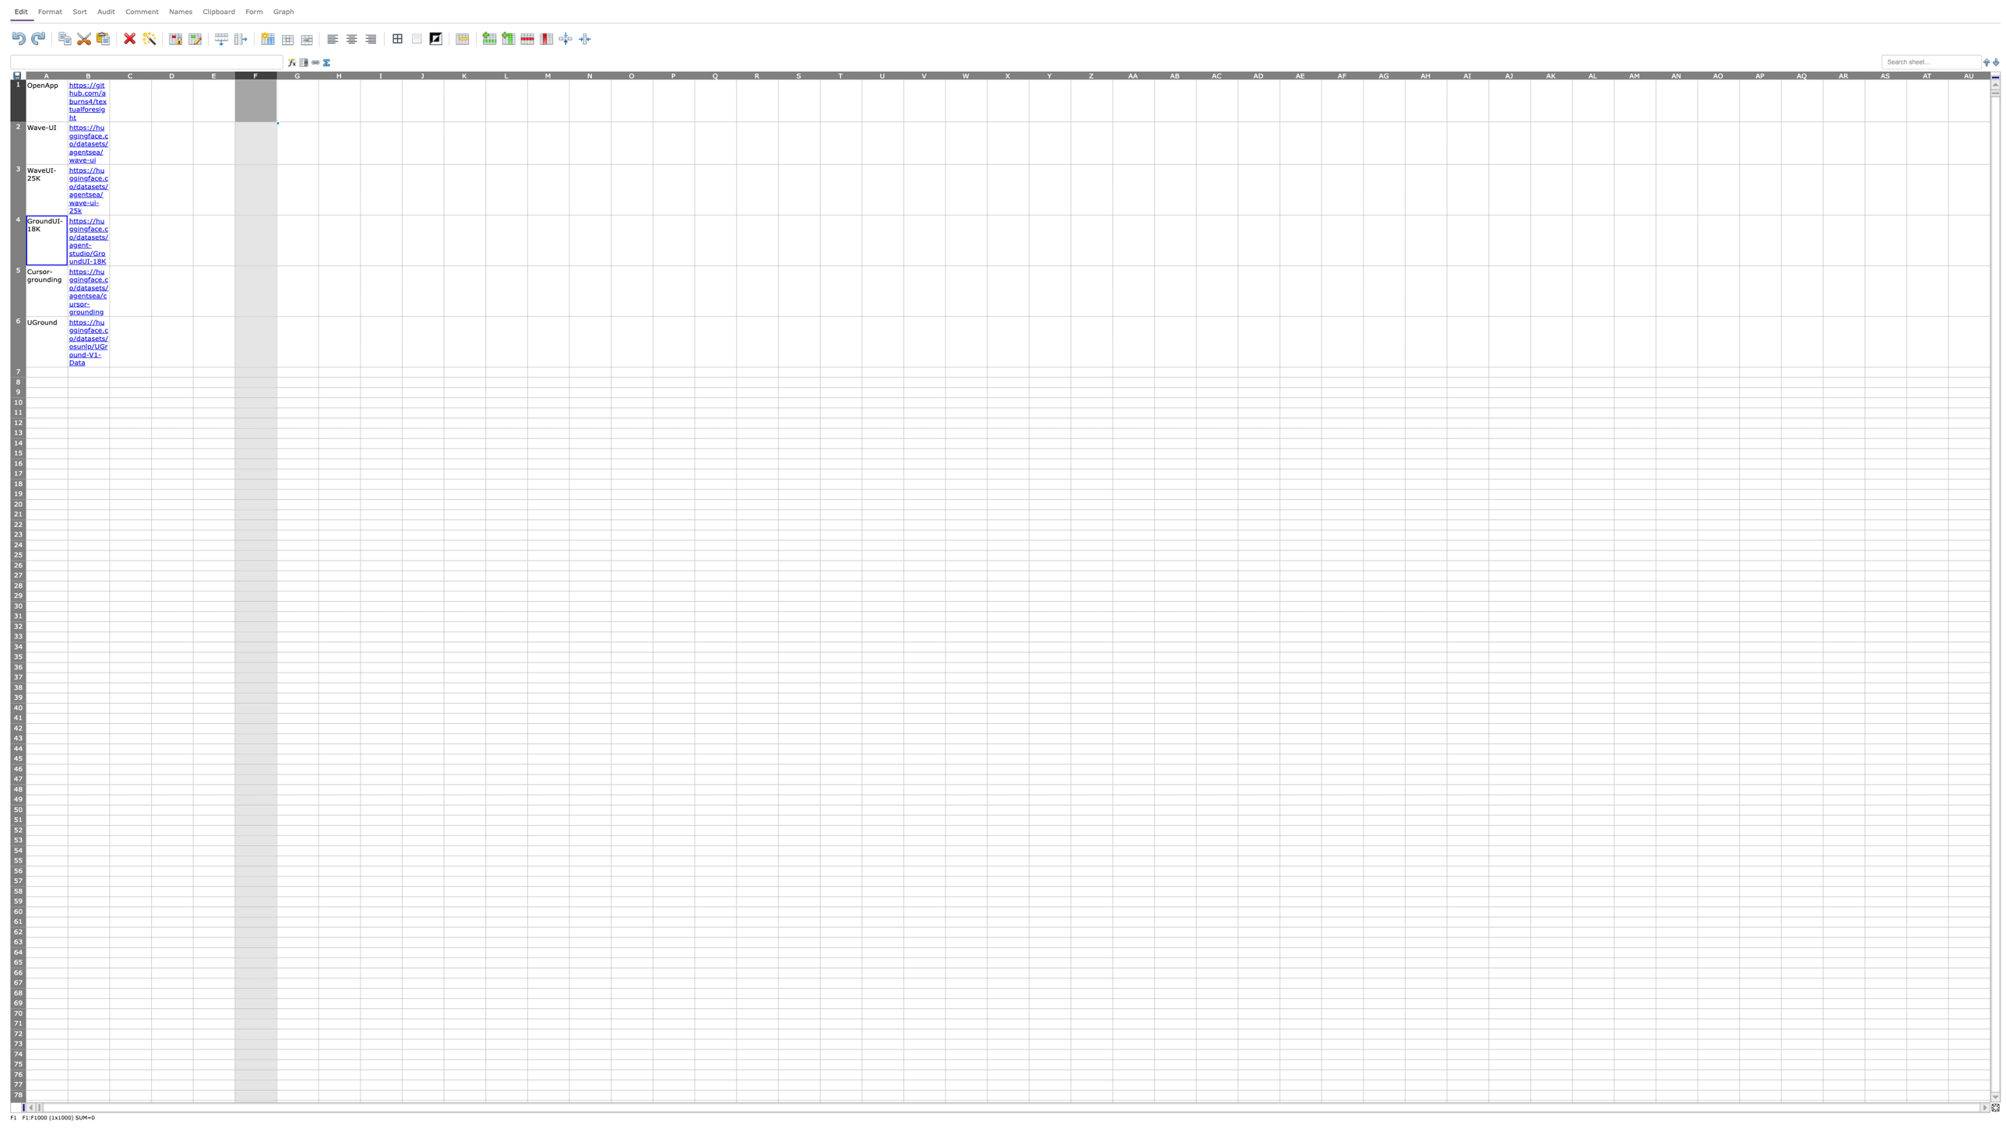  What do you see at coordinates (423, 74) in the screenshot?
I see `to activate column J` at bounding box center [423, 74].